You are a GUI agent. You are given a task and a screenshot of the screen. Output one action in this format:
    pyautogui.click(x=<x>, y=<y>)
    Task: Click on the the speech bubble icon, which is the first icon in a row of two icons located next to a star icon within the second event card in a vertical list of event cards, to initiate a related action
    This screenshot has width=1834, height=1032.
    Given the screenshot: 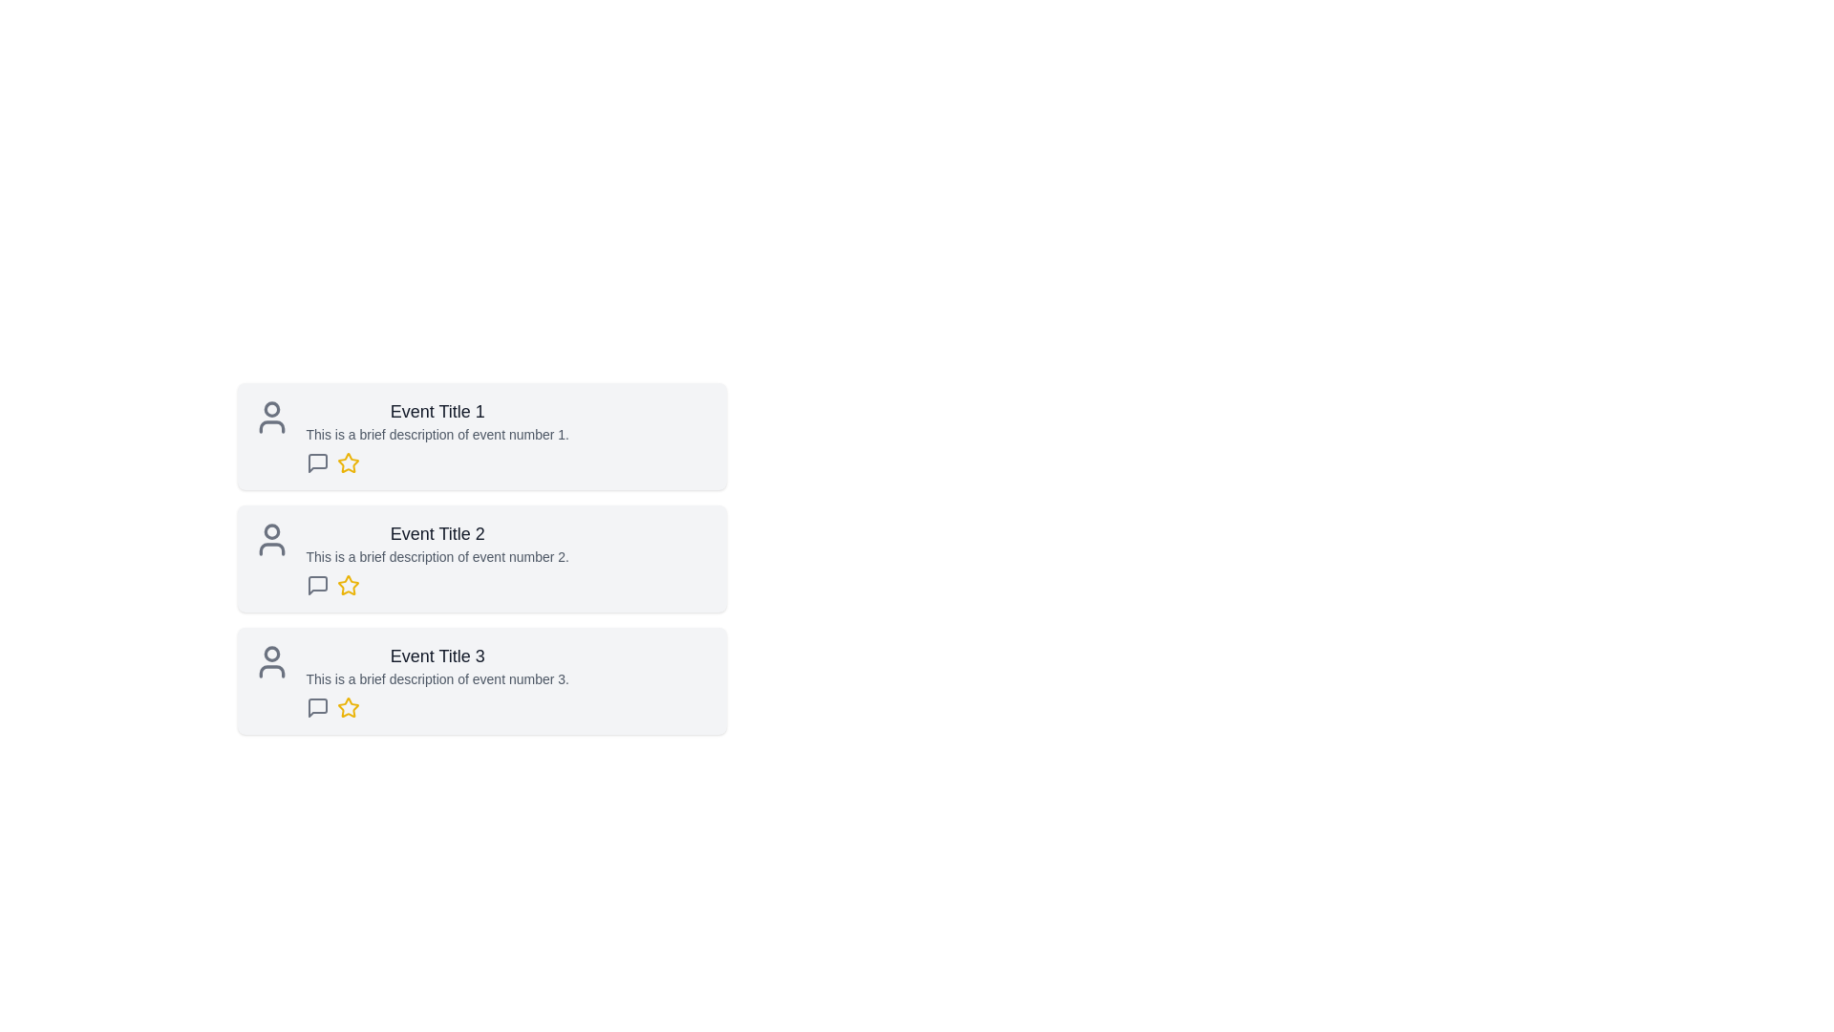 What is the action you would take?
    pyautogui.click(x=317, y=585)
    